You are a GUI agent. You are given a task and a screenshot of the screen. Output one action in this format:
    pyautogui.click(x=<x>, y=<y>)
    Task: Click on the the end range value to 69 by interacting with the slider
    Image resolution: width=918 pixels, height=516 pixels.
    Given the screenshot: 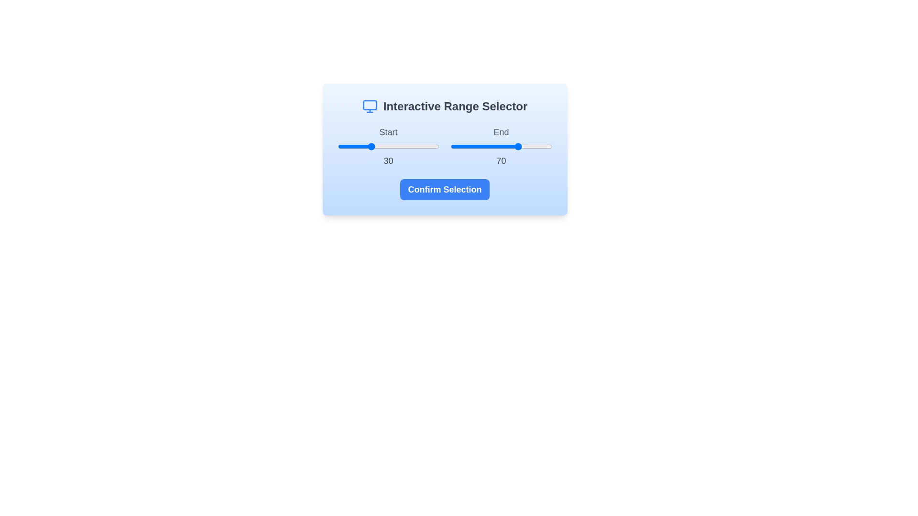 What is the action you would take?
    pyautogui.click(x=520, y=147)
    